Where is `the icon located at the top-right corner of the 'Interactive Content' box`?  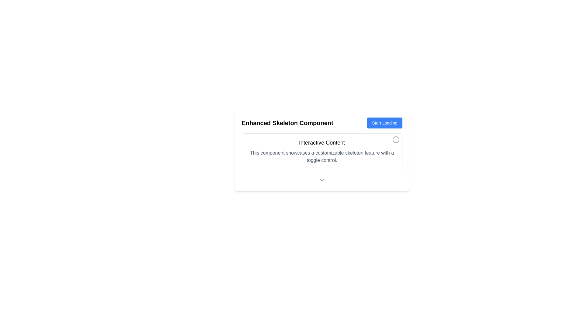 the icon located at the top-right corner of the 'Interactive Content' box is located at coordinates (396, 139).